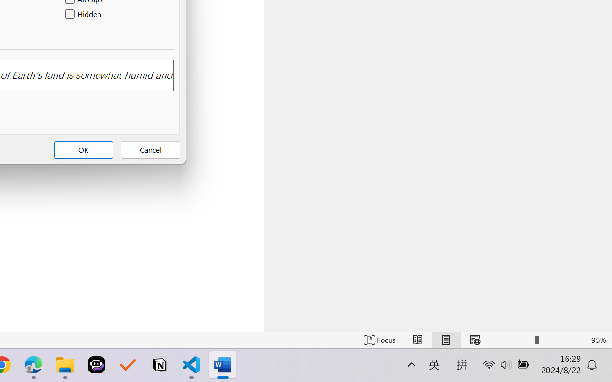  What do you see at coordinates (84, 14) in the screenshot?
I see `'Hidden'` at bounding box center [84, 14].